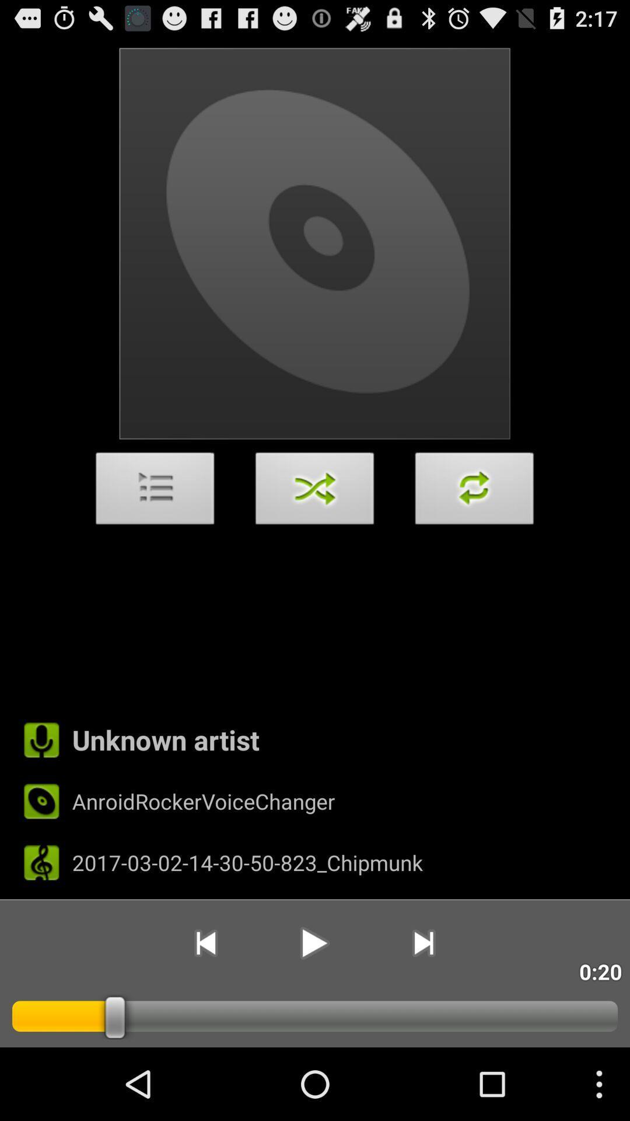 The width and height of the screenshot is (630, 1121). I want to click on the play icon, so click(314, 1008).